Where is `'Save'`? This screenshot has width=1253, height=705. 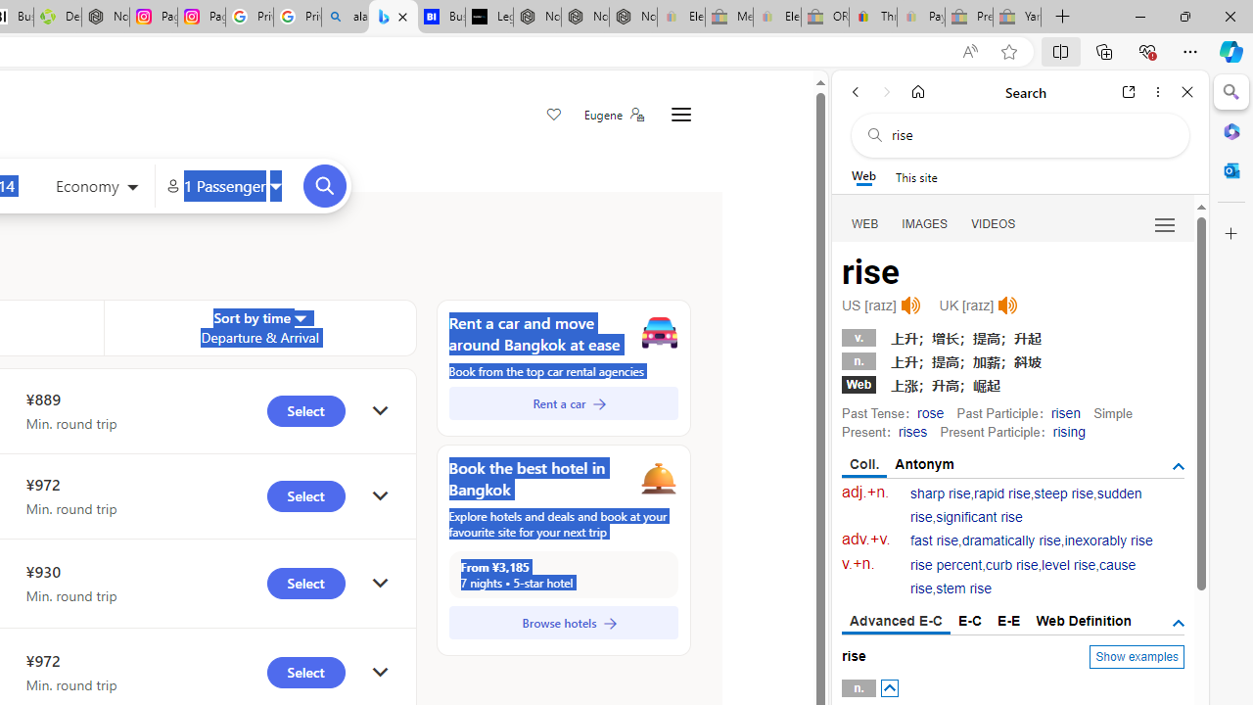
'Save' is located at coordinates (552, 116).